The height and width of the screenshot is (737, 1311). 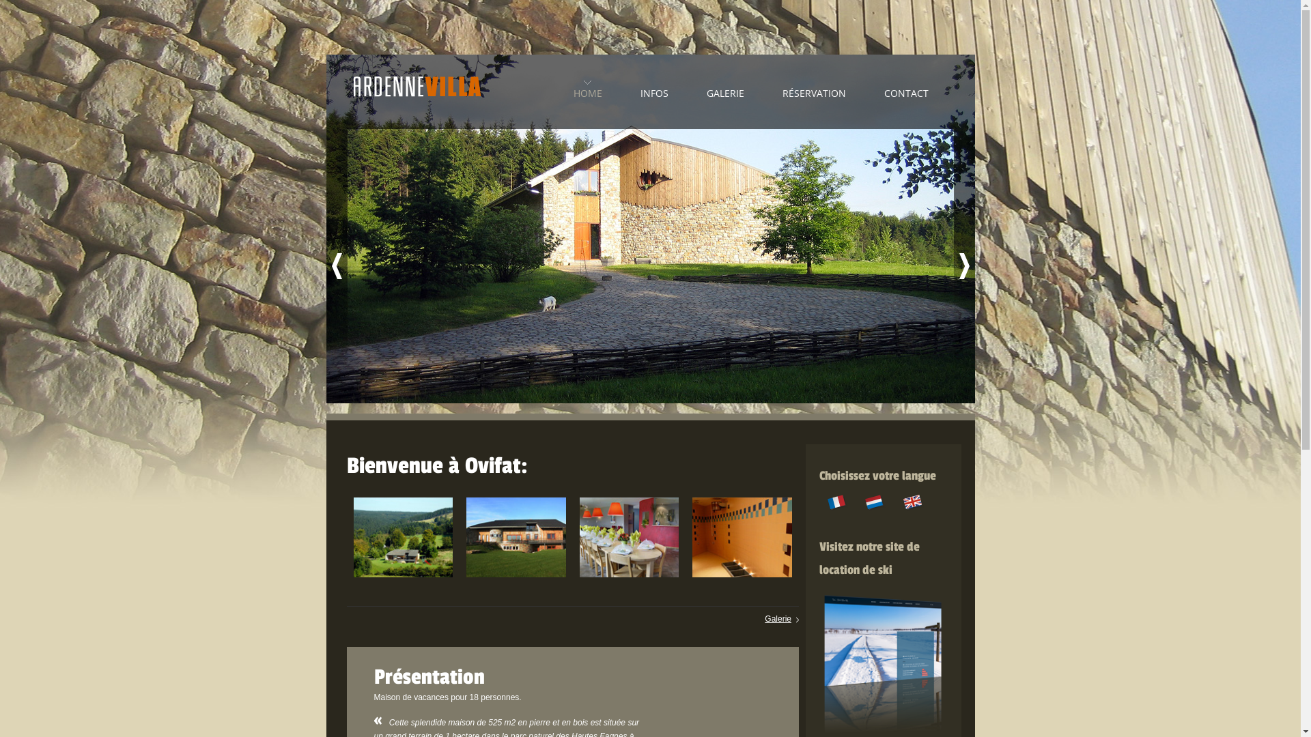 I want to click on 'GALERIE', so click(x=705, y=89).